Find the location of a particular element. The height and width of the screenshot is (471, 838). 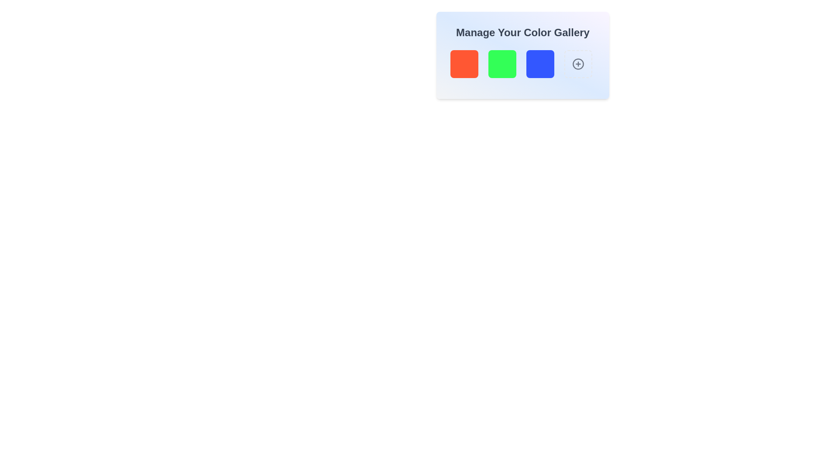

the circular graphical element within the 'circle-plus' SVG icon, which is located on the right side of the row of icons under the 'Manage Your Color Gallery' section is located at coordinates (578, 63).